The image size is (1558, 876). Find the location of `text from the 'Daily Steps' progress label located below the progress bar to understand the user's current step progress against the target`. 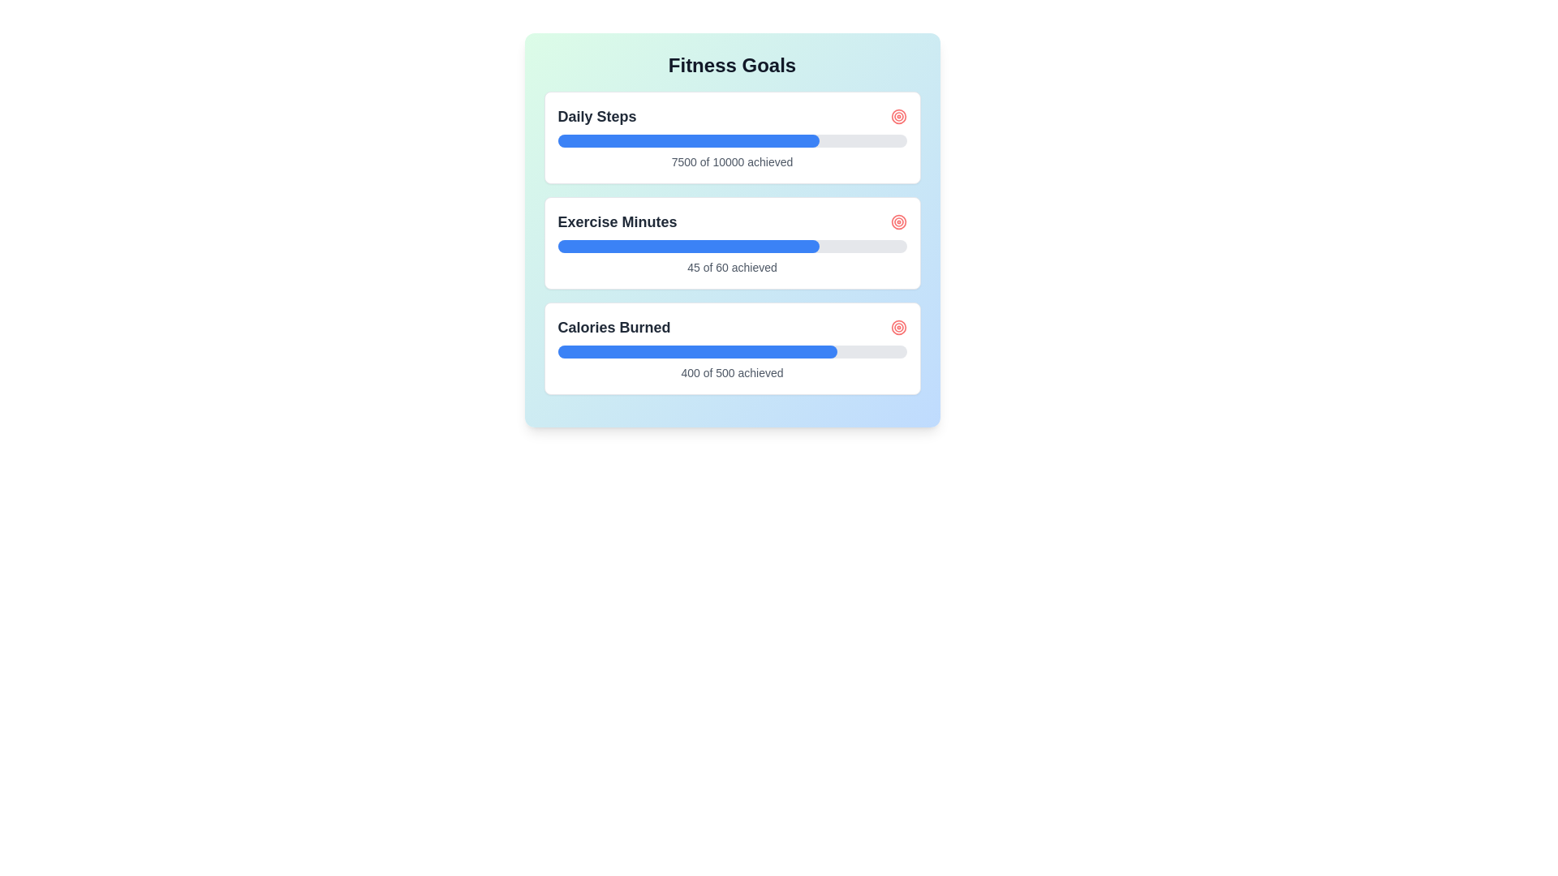

text from the 'Daily Steps' progress label located below the progress bar to understand the user's current step progress against the target is located at coordinates (731, 162).